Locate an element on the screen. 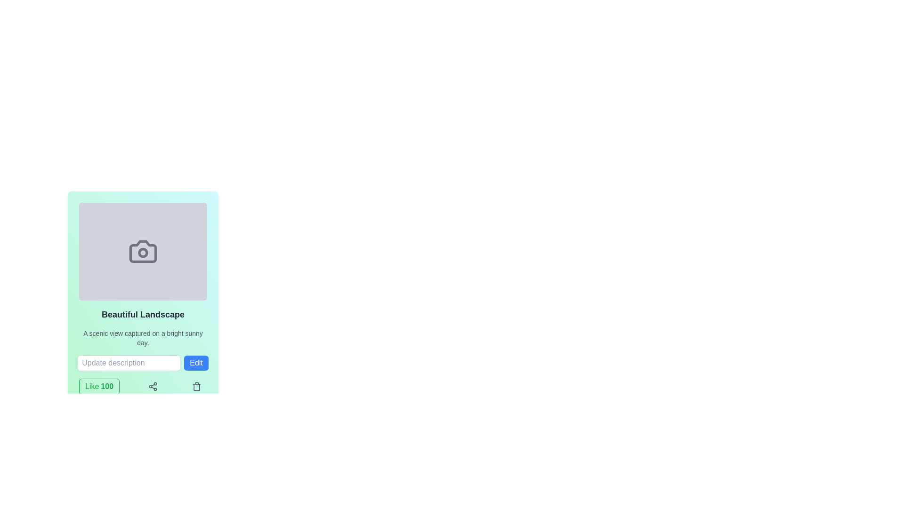 The width and height of the screenshot is (904, 508). the 'Share' button, which is the second icon from the right in a row of interactive icons, located between the green 'Like' button and a trash bin icon, to activate the hover effect is located at coordinates (153, 386).